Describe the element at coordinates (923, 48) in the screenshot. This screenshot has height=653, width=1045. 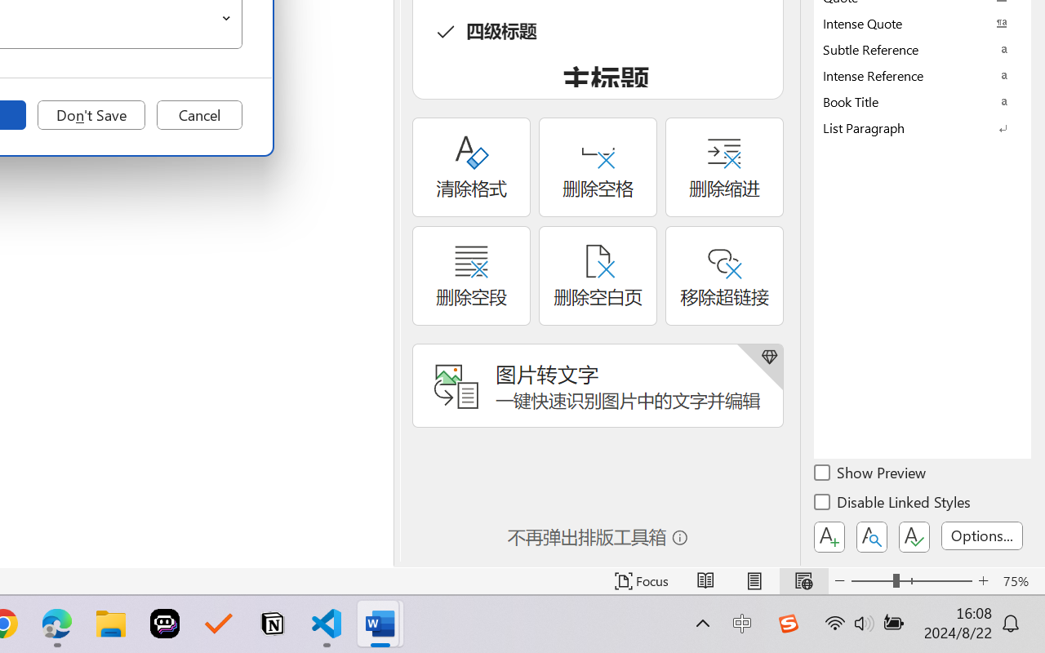
I see `'Subtle Reference'` at that location.